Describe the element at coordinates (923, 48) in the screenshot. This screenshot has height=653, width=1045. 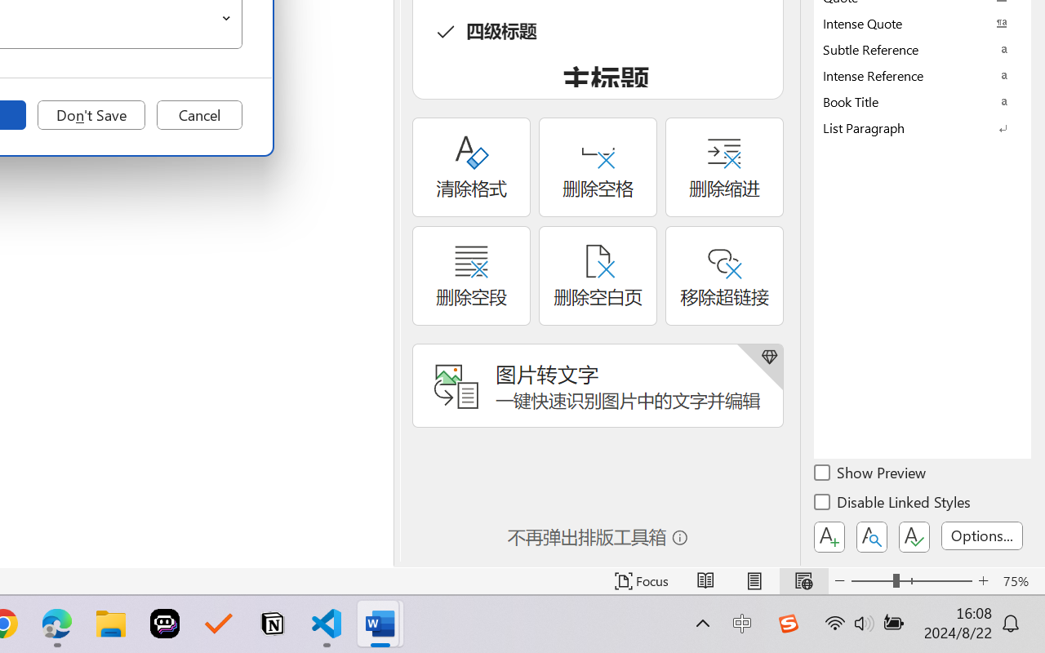
I see `'Subtle Reference'` at that location.